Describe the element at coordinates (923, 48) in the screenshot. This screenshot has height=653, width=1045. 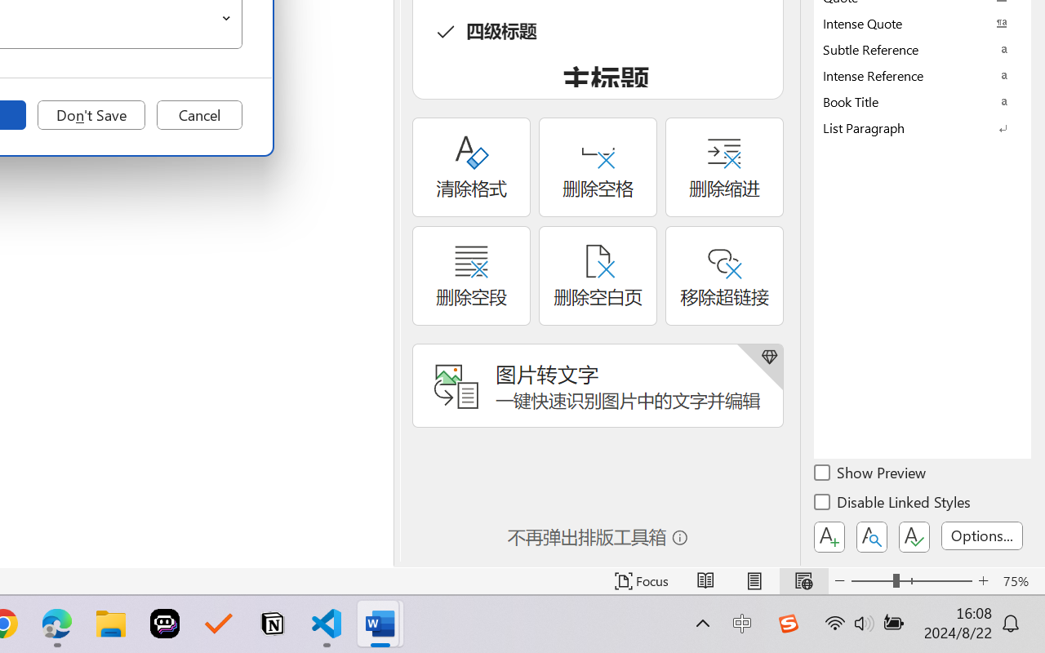
I see `'Subtle Reference'` at that location.